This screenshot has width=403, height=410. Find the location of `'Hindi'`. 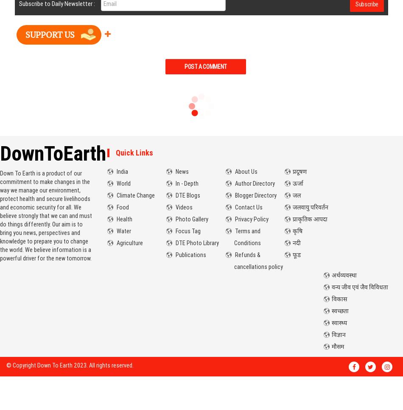

'Hindi' is located at coordinates (301, 153).